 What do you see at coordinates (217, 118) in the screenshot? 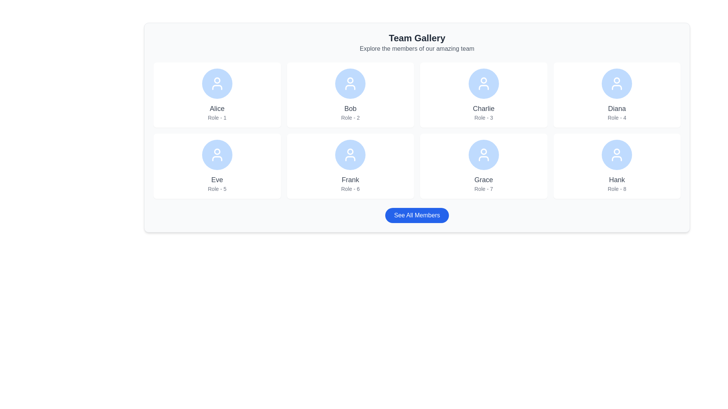
I see `the static text label displaying 'Role - 1' located at the bottom section of the card representing 'Alice'` at bounding box center [217, 118].